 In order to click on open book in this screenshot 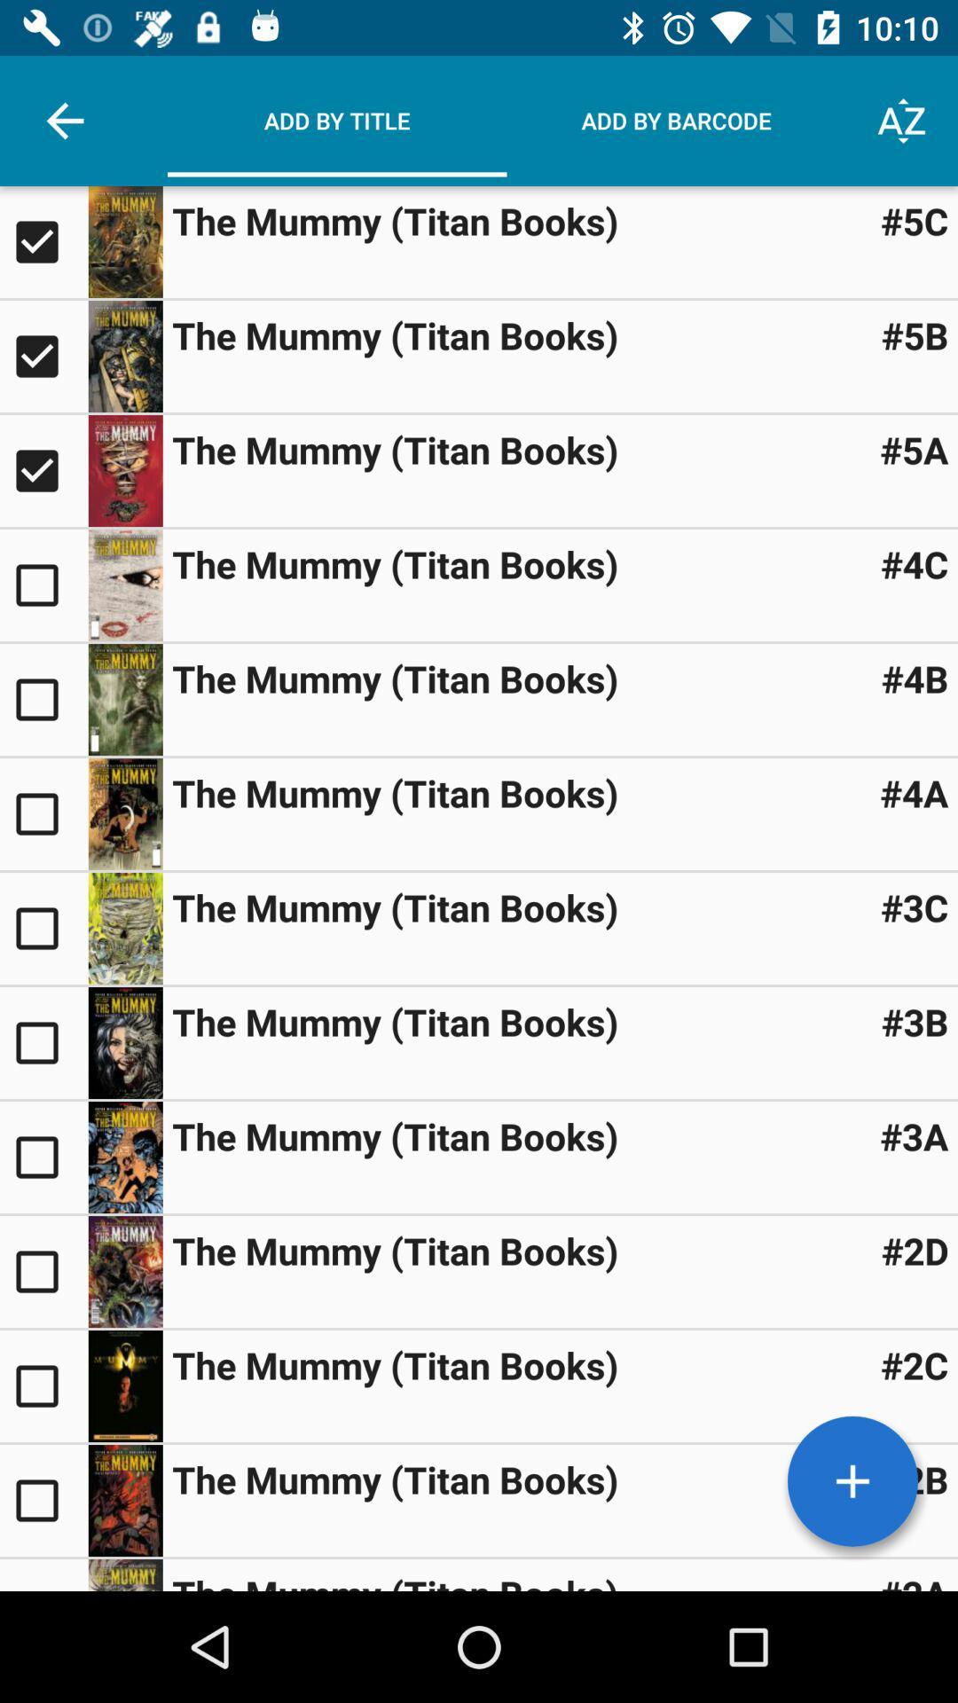, I will do `click(124, 812)`.